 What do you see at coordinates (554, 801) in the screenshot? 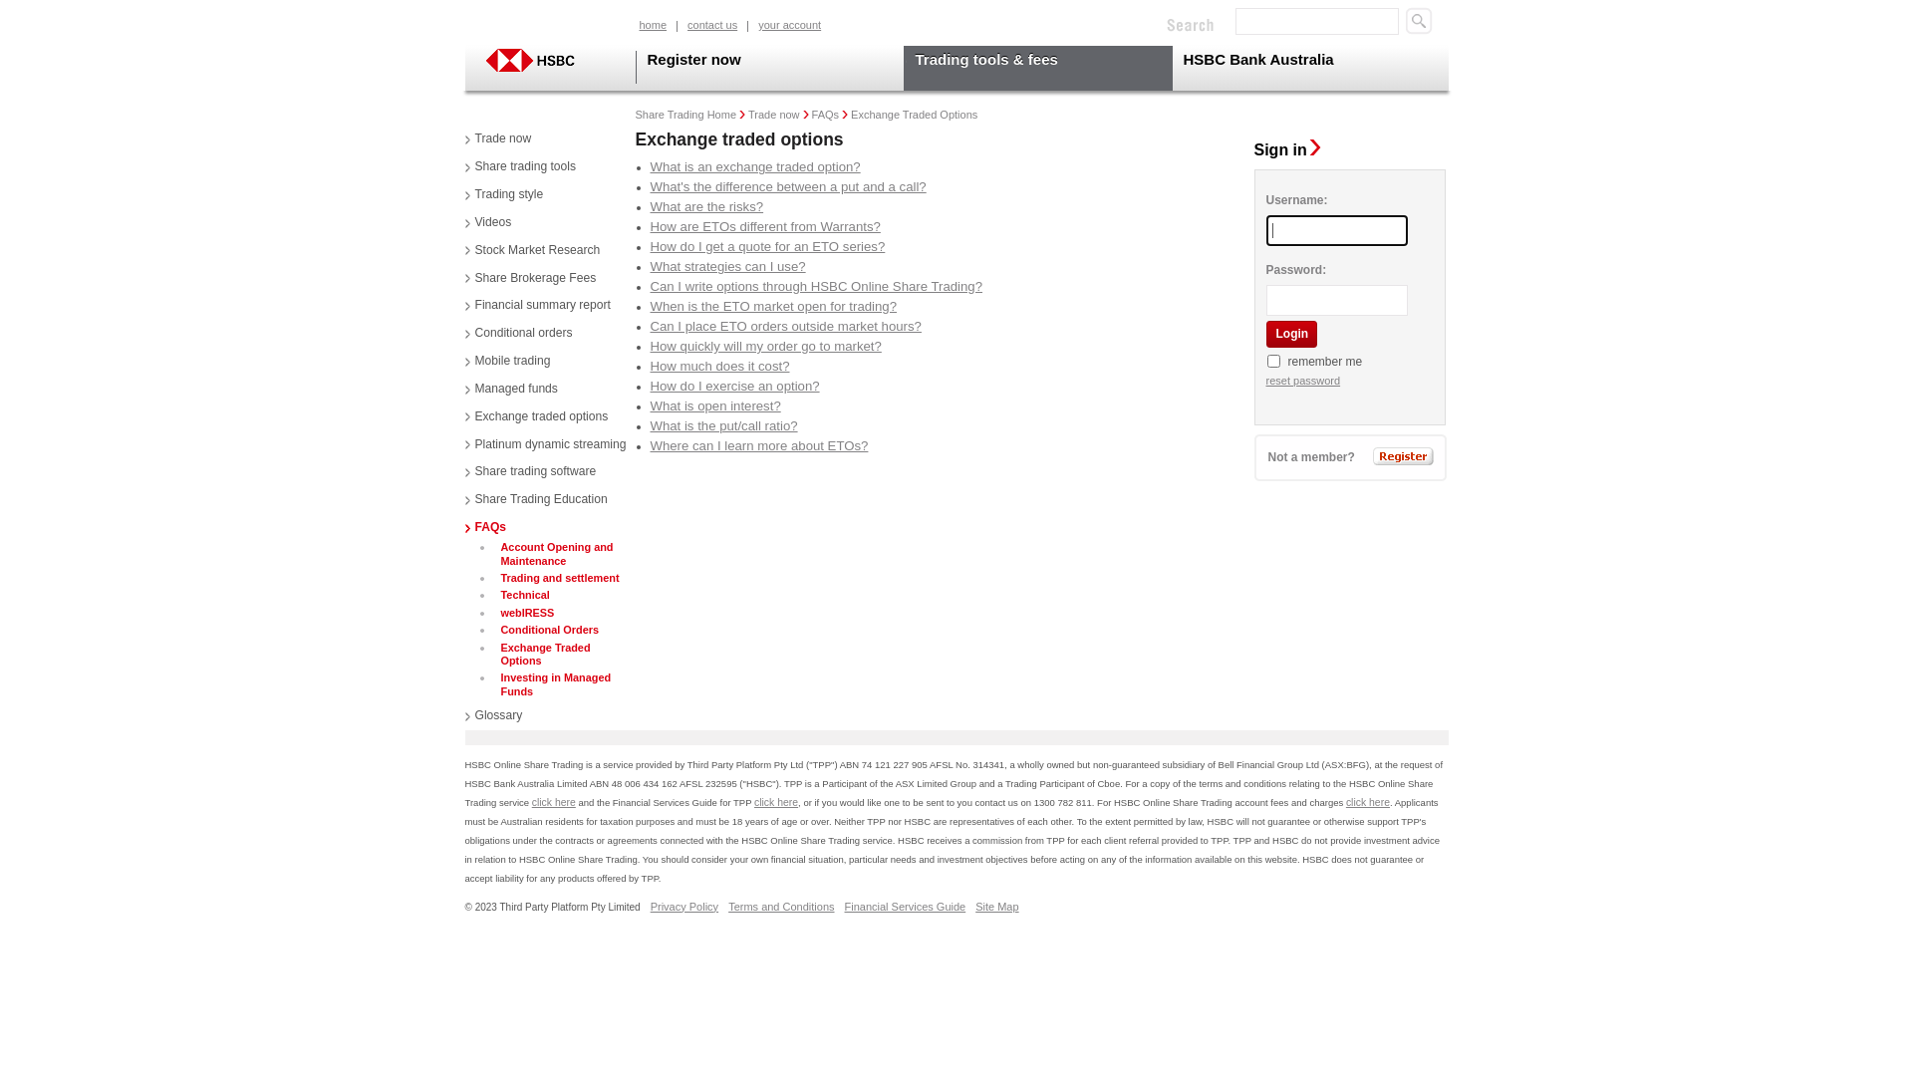
I see `'click here'` at bounding box center [554, 801].